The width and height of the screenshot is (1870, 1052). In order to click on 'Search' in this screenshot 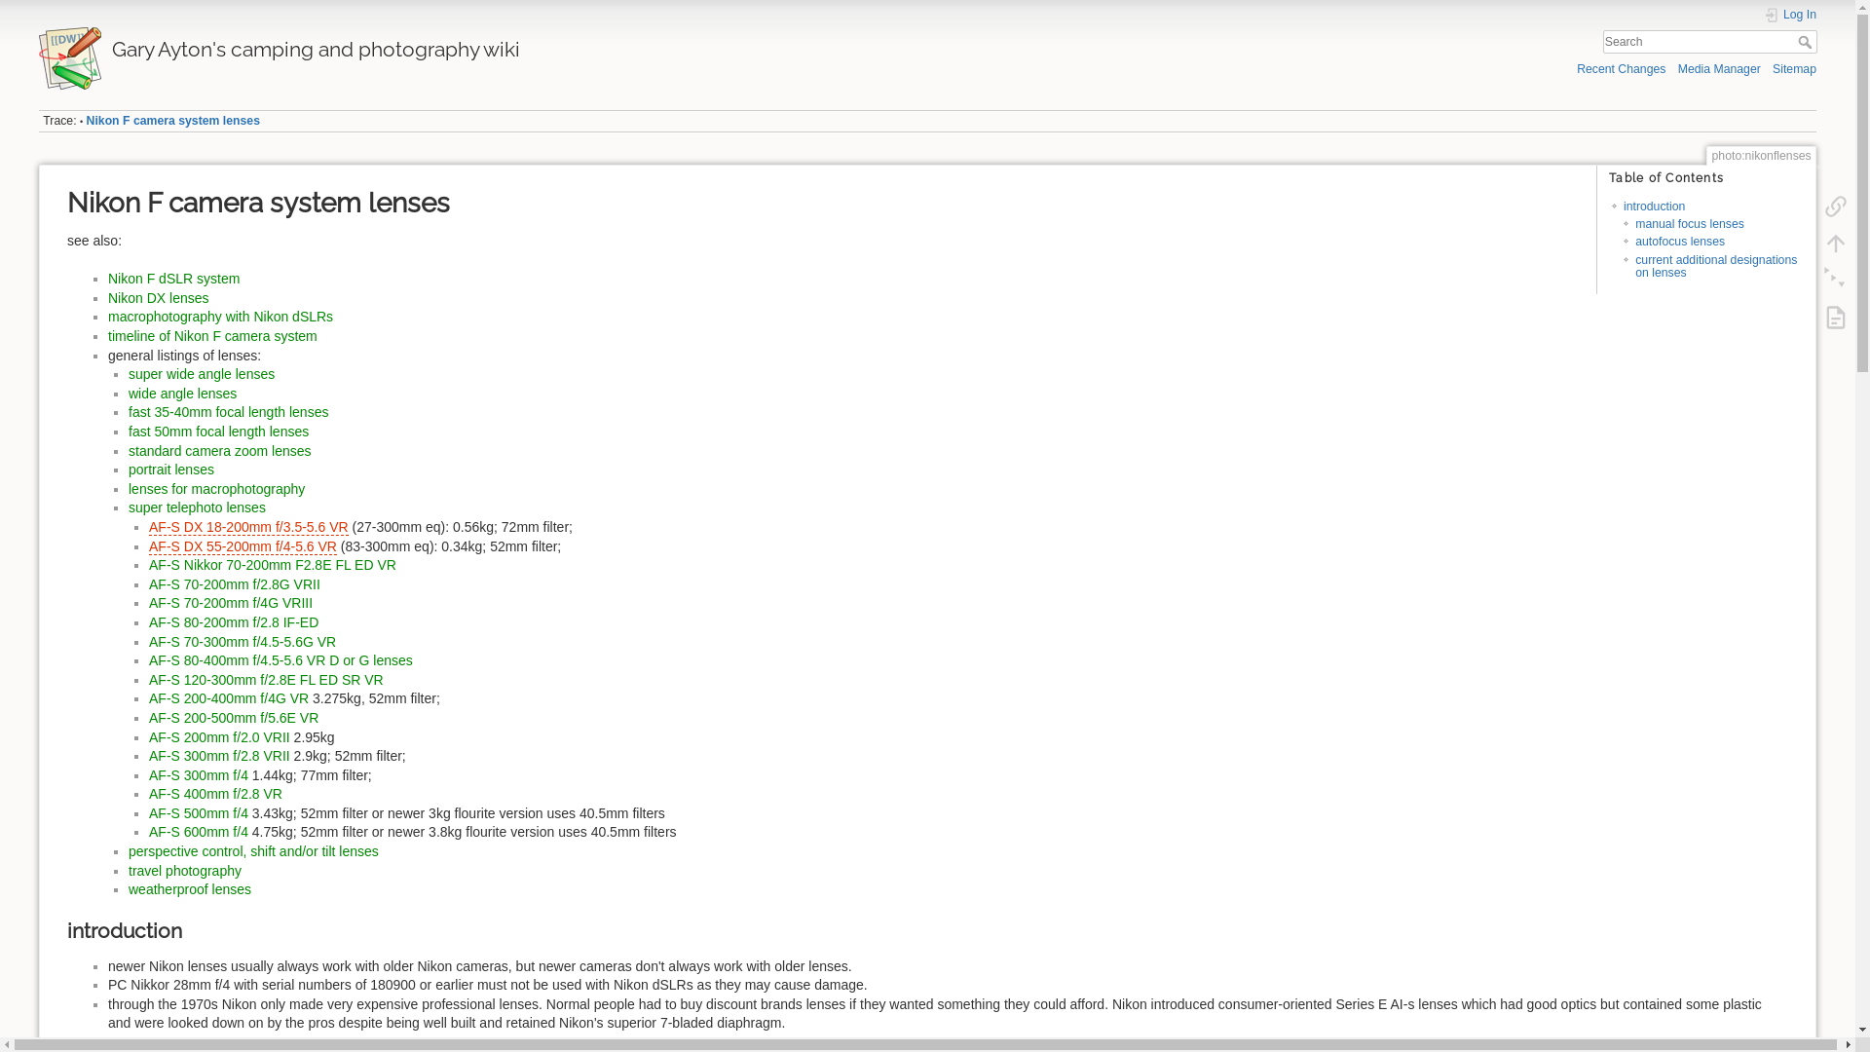, I will do `click(1806, 41)`.